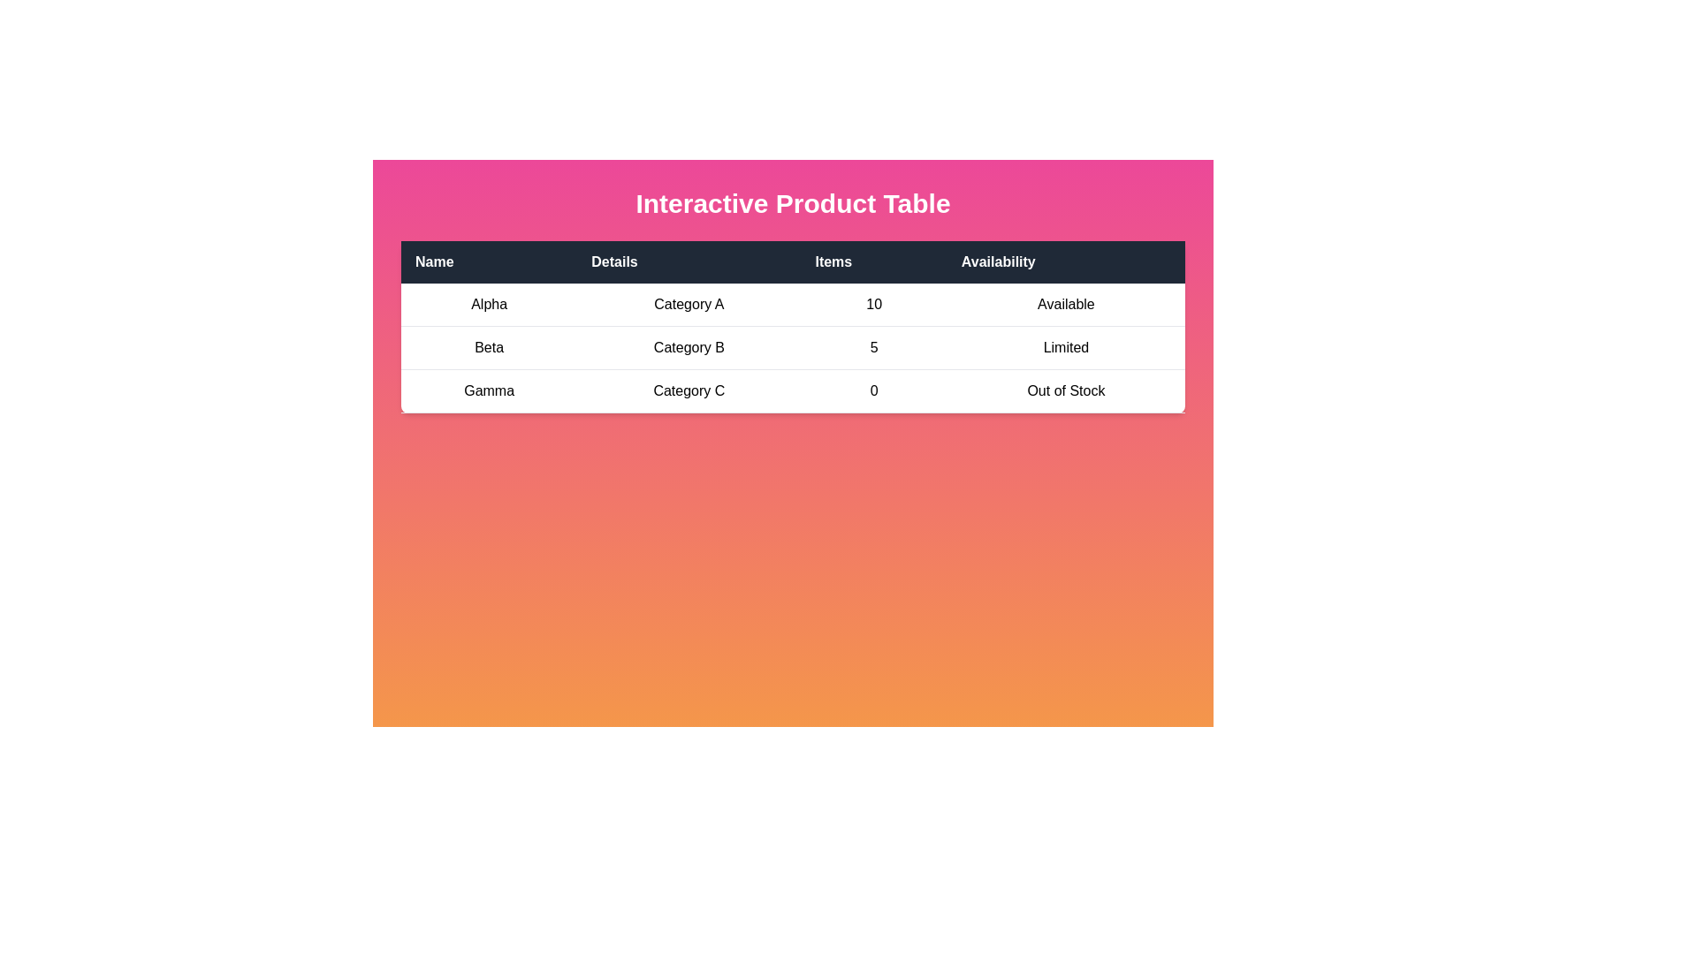 The image size is (1697, 954). What do you see at coordinates (792, 348) in the screenshot?
I see `data in the second row of the table, which corresponds to 'Beta' and spans across the columns 'Name', 'Details', 'Items', and 'Availability'` at bounding box center [792, 348].